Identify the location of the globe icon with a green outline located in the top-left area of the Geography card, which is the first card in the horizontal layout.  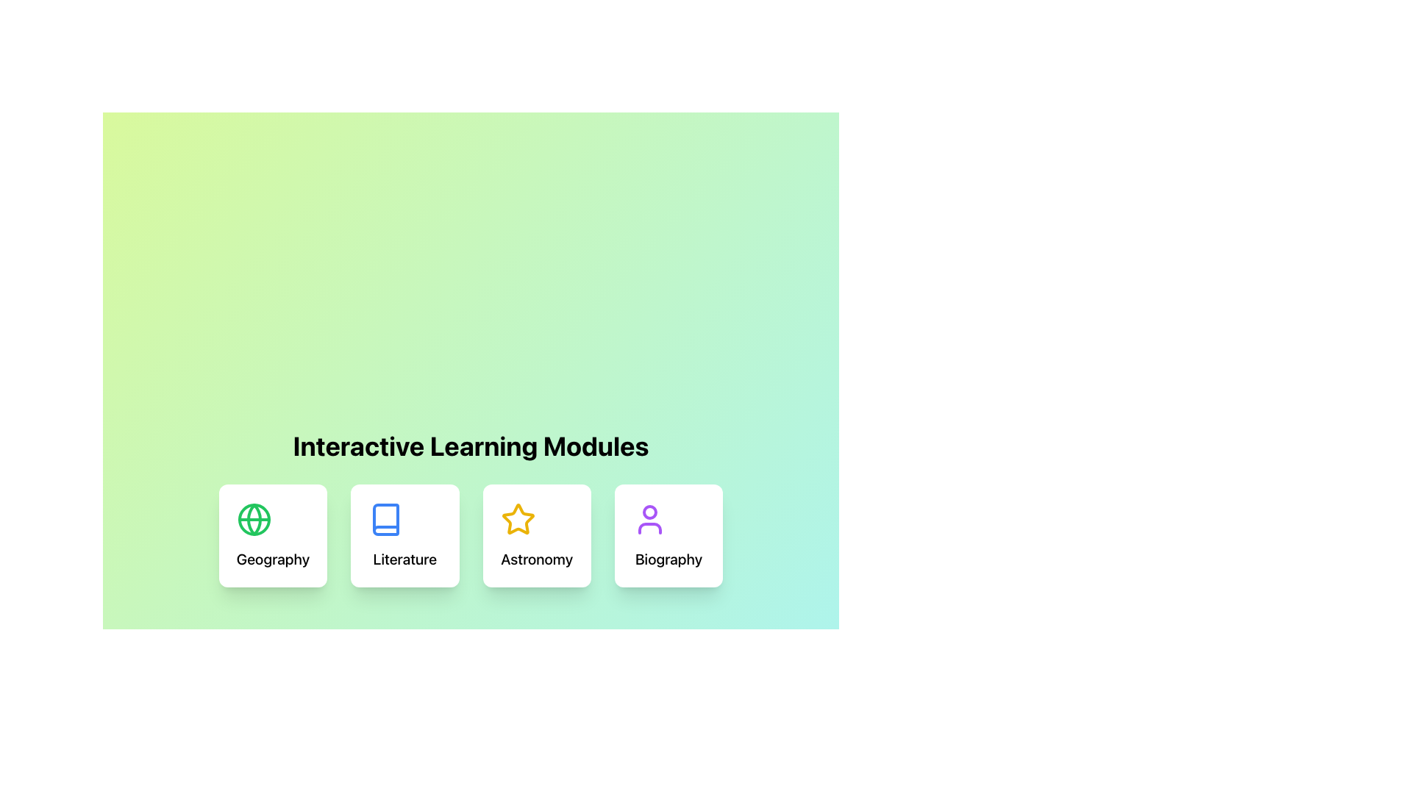
(254, 518).